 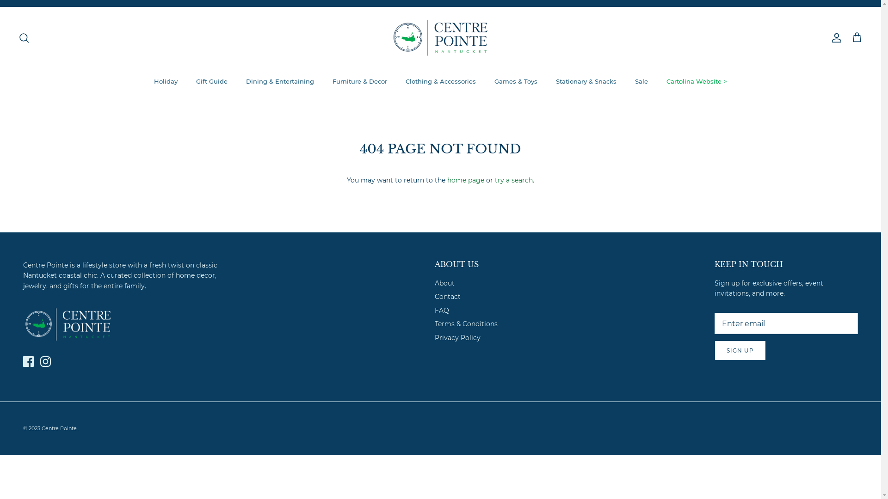 What do you see at coordinates (28, 361) in the screenshot?
I see `'Facebook'` at bounding box center [28, 361].